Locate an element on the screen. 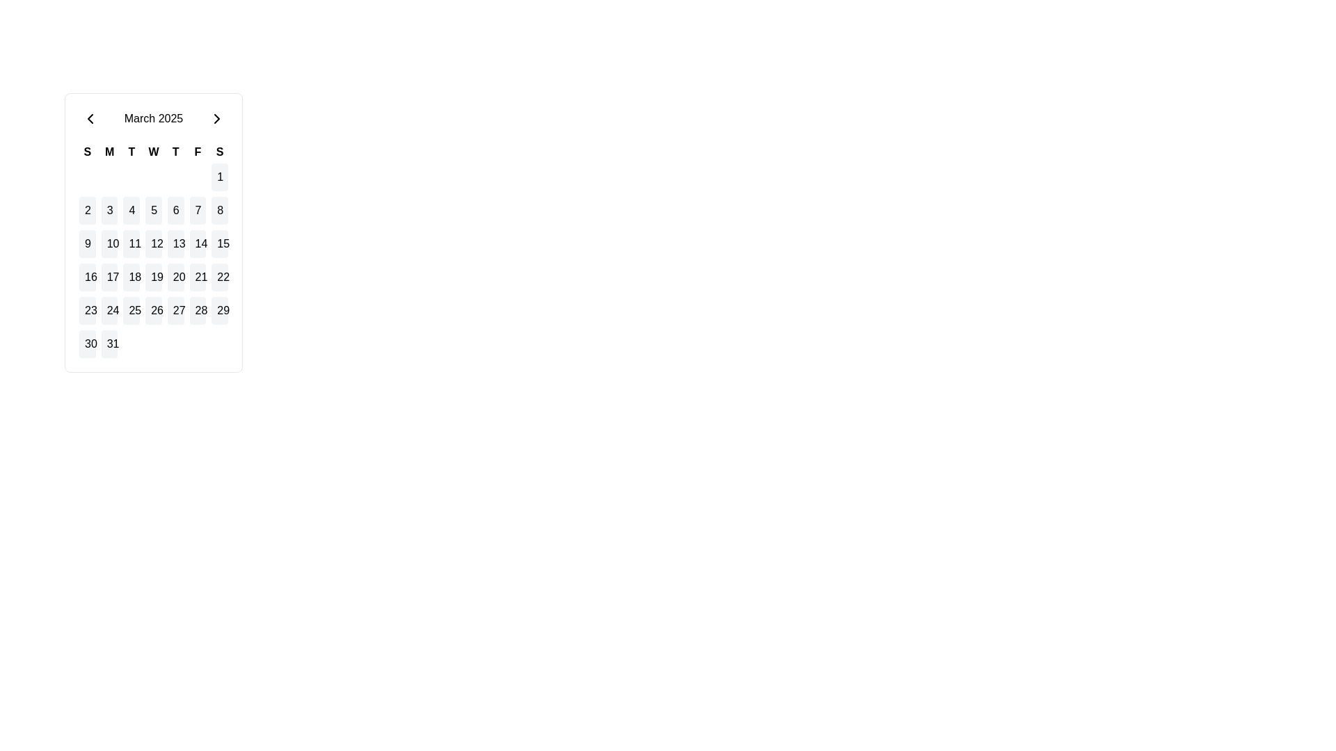 Image resolution: width=1336 pixels, height=751 pixels. the bold capital letter 'M' in the calendar interface, which is the second item in the row of weekday initials is located at coordinates (109, 152).